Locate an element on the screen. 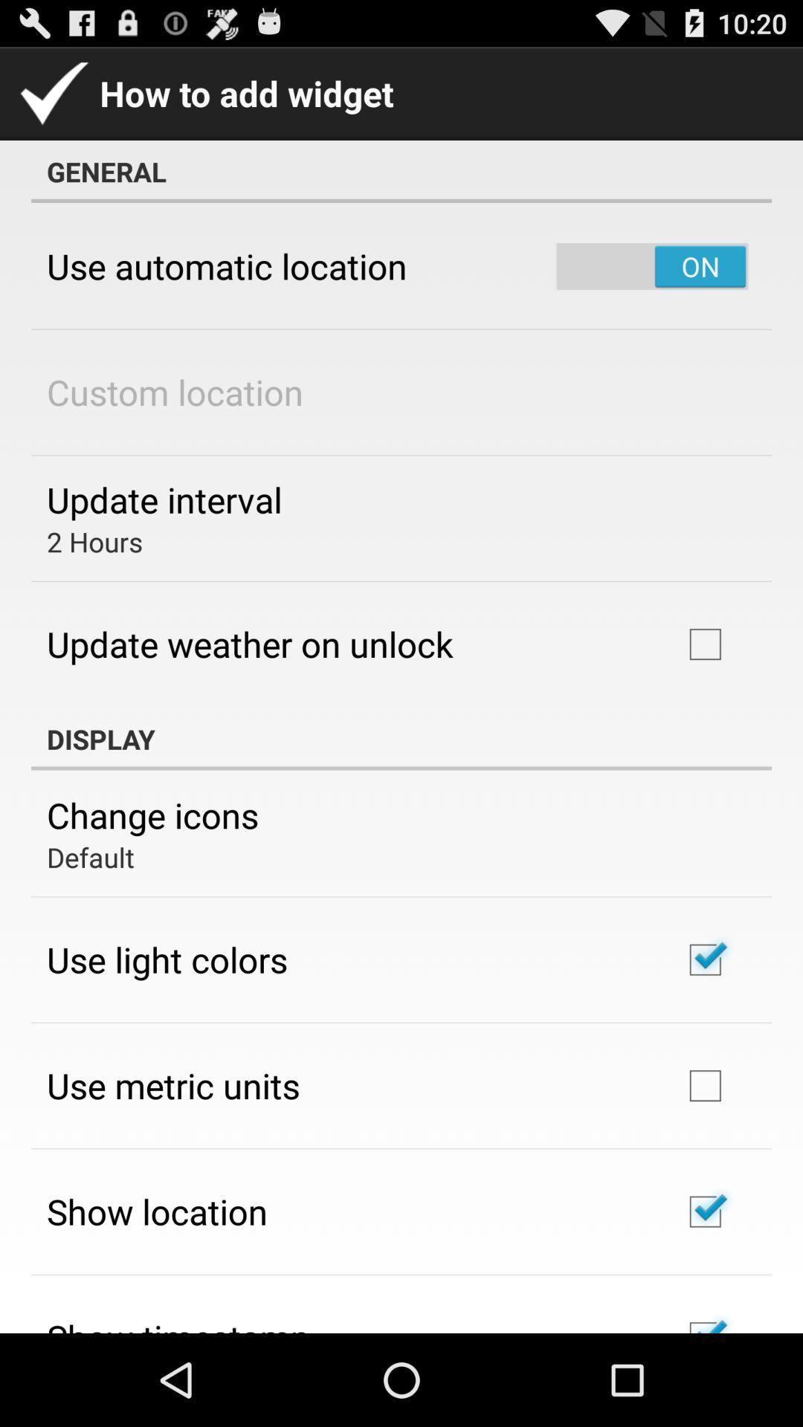 The width and height of the screenshot is (803, 1427). app below general app is located at coordinates (227, 266).